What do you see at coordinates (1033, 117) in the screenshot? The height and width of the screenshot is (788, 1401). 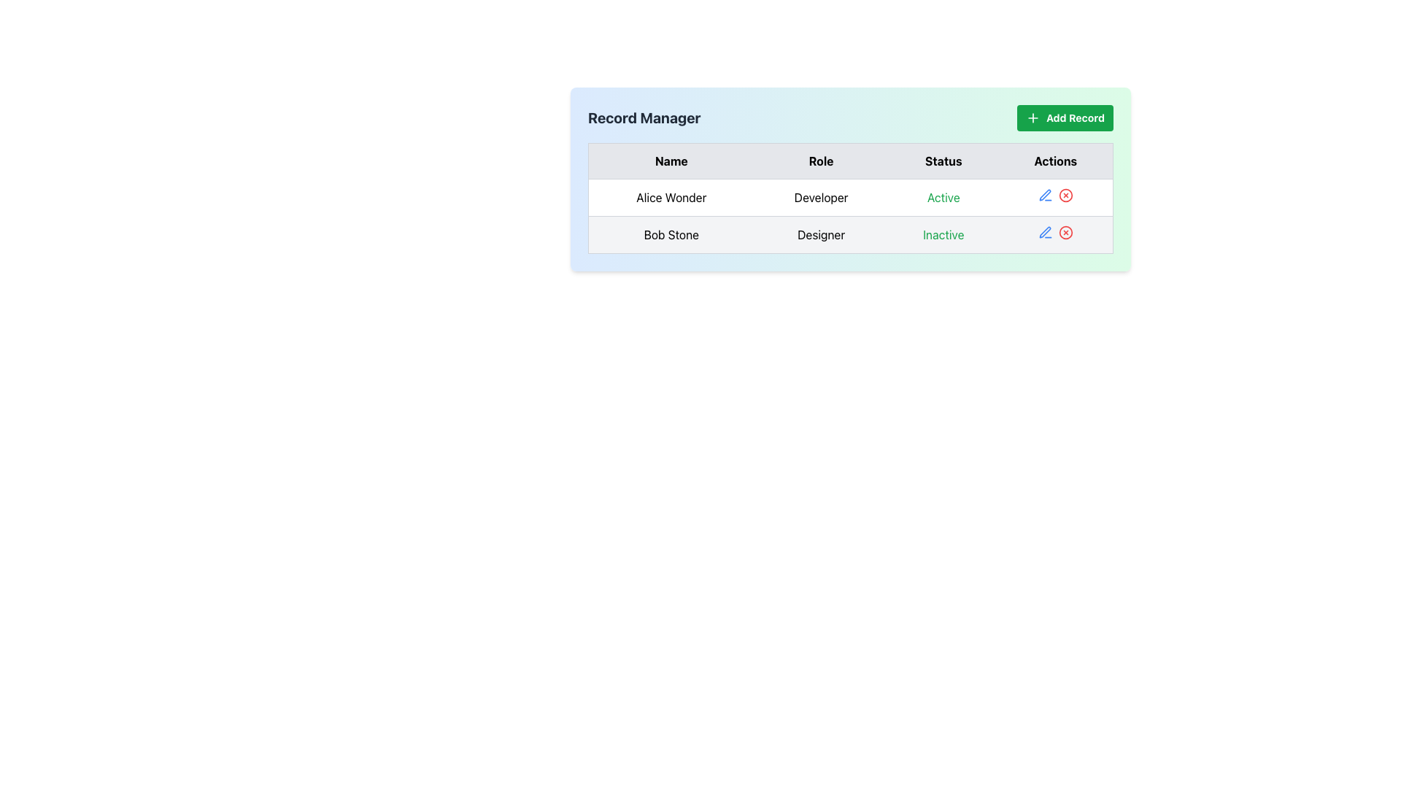 I see `the Decorative Icon inside the 'Add Record' button, located in the top-right corner of the interface` at bounding box center [1033, 117].